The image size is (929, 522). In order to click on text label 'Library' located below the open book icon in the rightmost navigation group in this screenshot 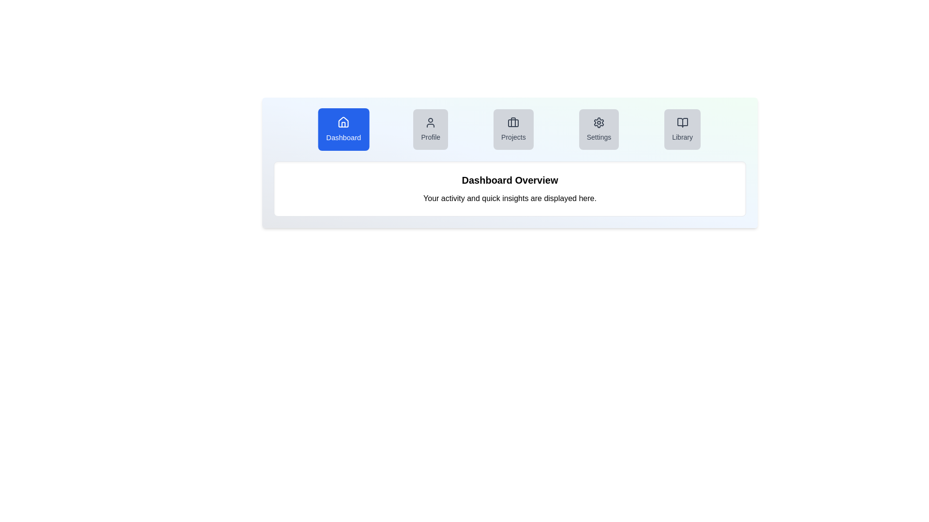, I will do `click(682, 137)`.